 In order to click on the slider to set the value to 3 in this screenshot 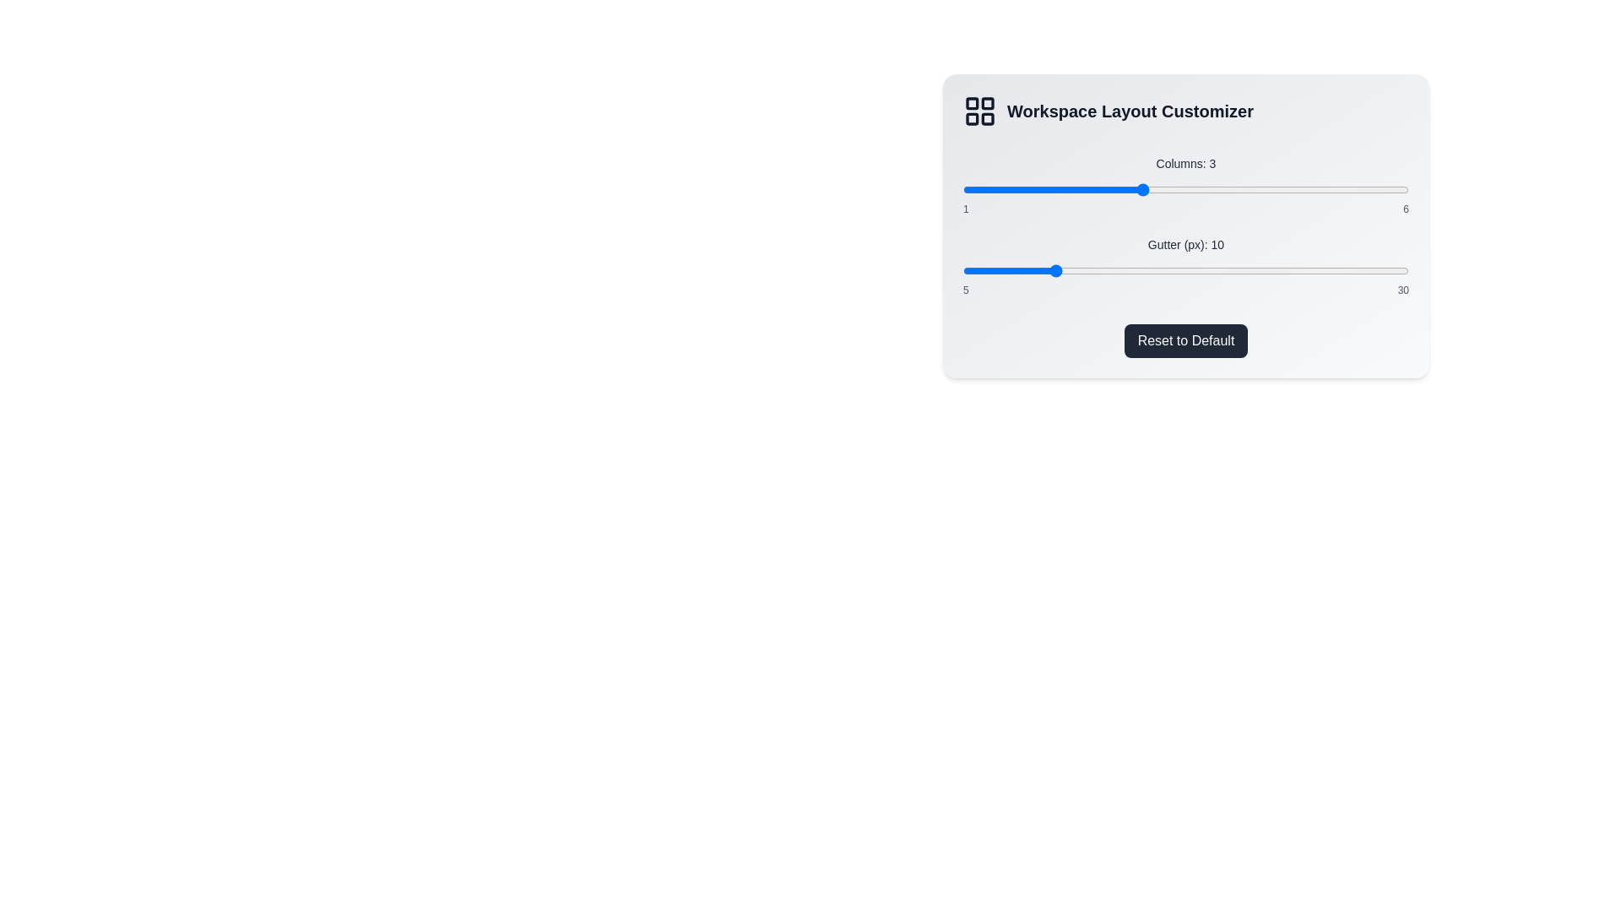, I will do `click(1141, 189)`.